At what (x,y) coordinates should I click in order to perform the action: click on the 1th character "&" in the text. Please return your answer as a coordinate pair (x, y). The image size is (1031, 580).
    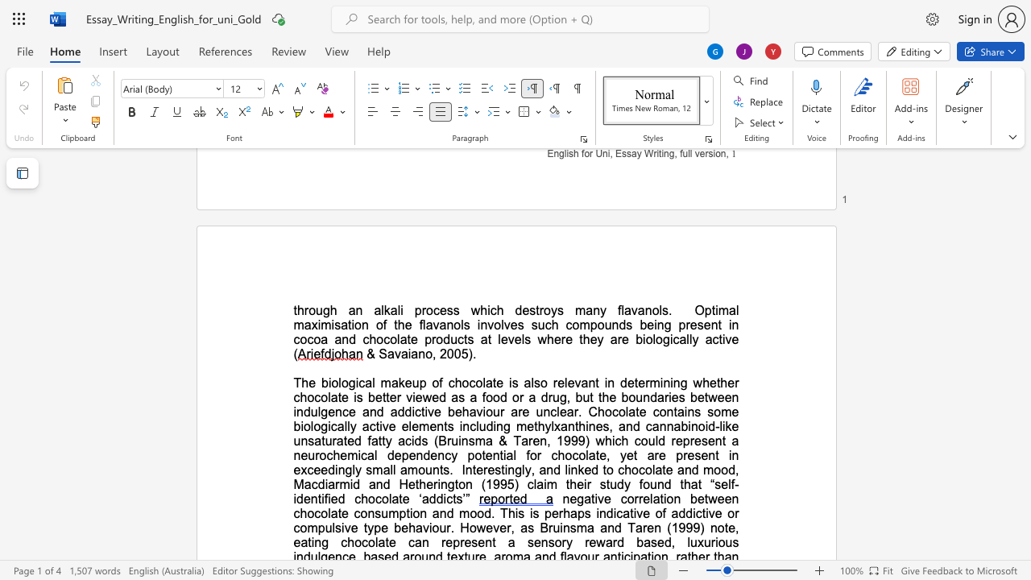
    Looking at the image, I should click on (370, 353).